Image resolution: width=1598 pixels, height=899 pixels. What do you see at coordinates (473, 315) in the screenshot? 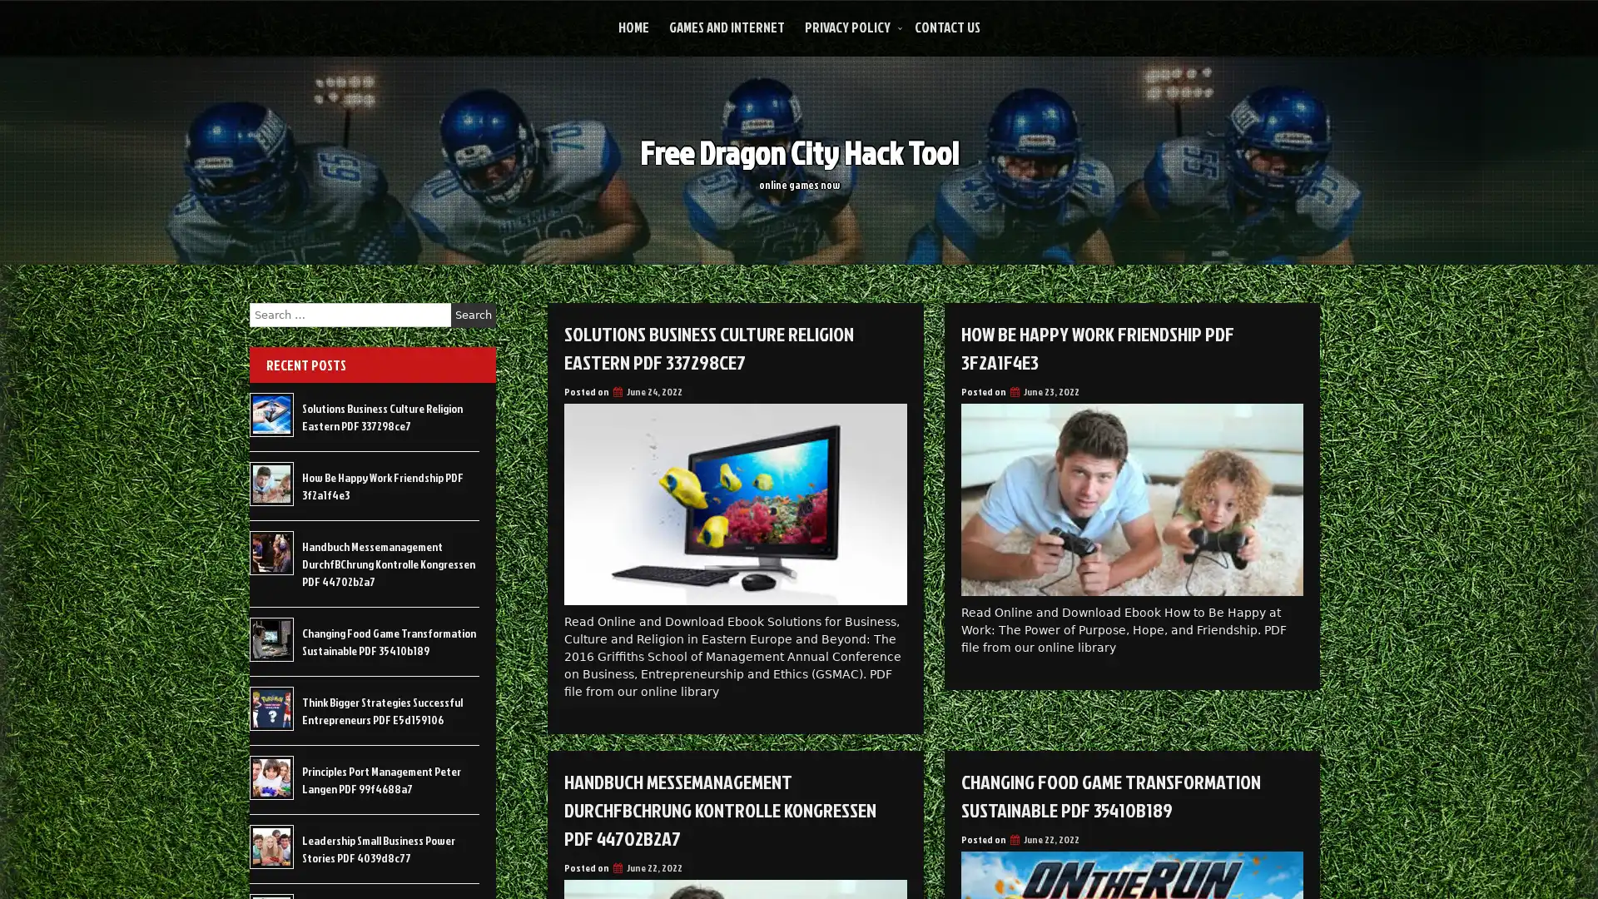
I see `Search` at bounding box center [473, 315].